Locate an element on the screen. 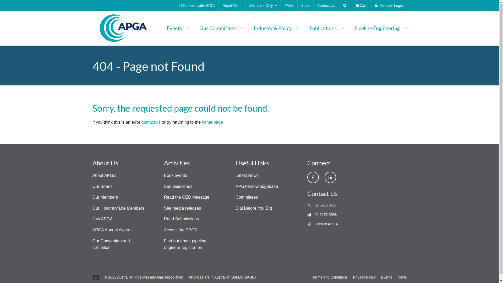  'Dial Before You Dig' is located at coordinates (254, 208).